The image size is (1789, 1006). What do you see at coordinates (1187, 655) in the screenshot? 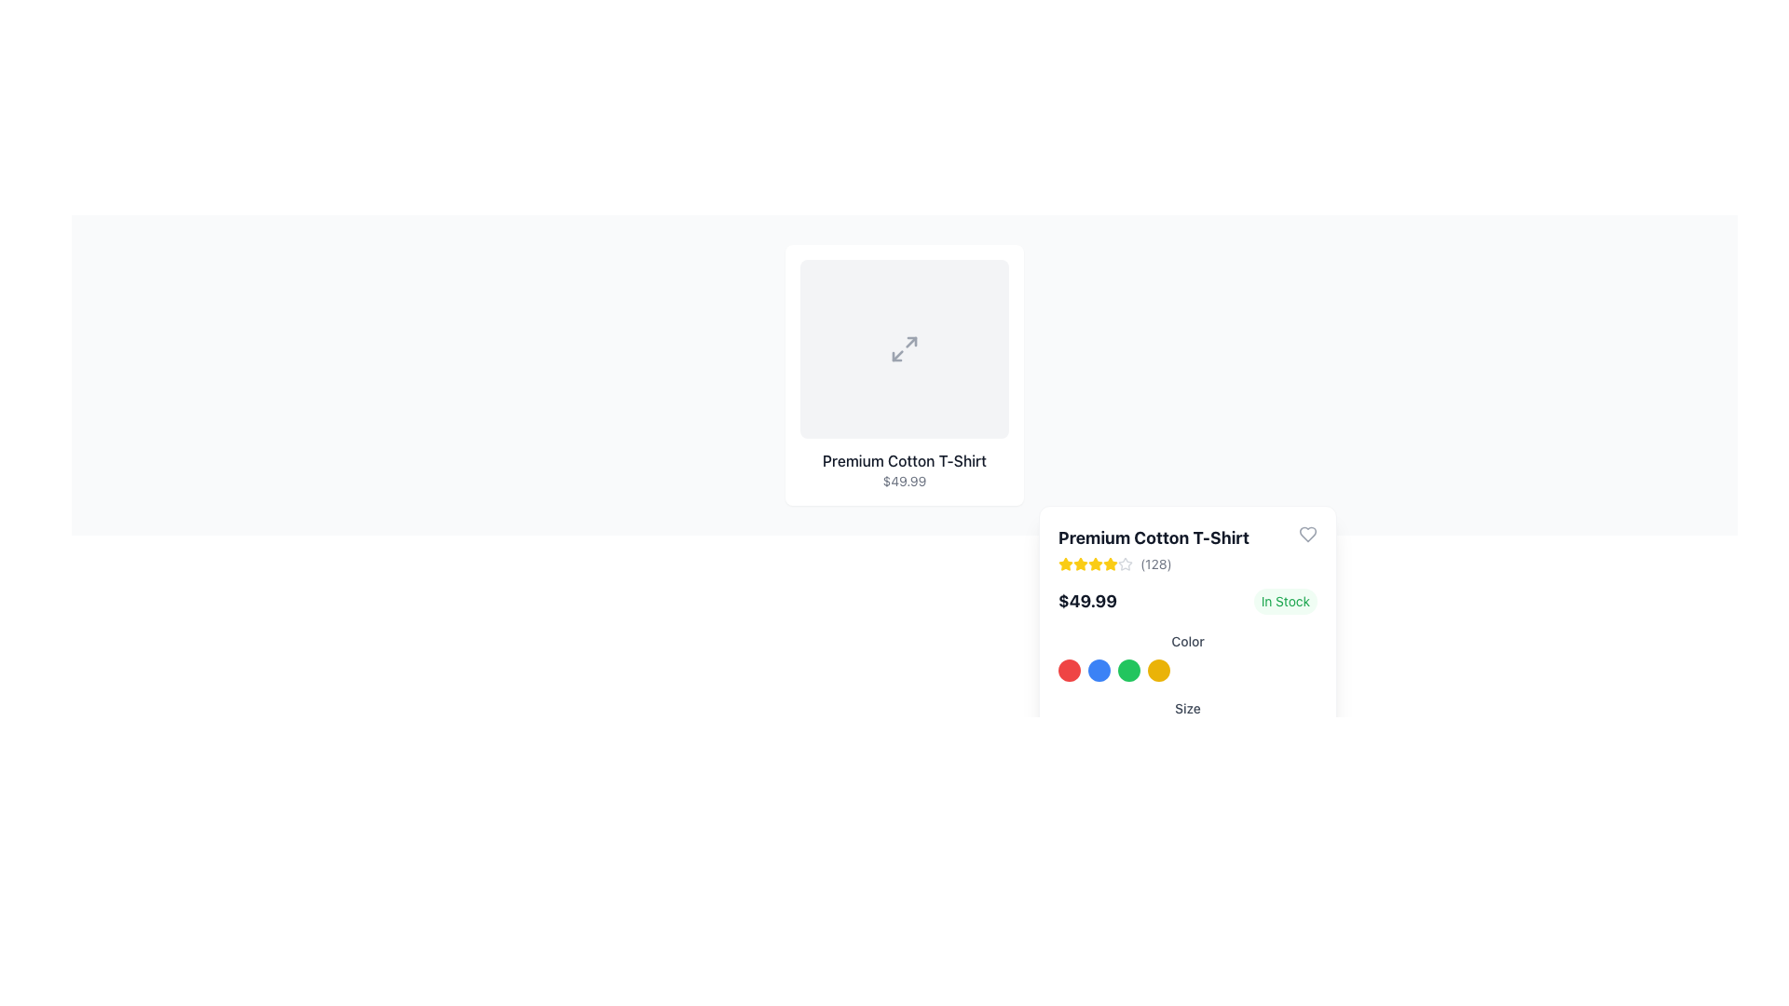
I see `the 'Color' label section` at bounding box center [1187, 655].